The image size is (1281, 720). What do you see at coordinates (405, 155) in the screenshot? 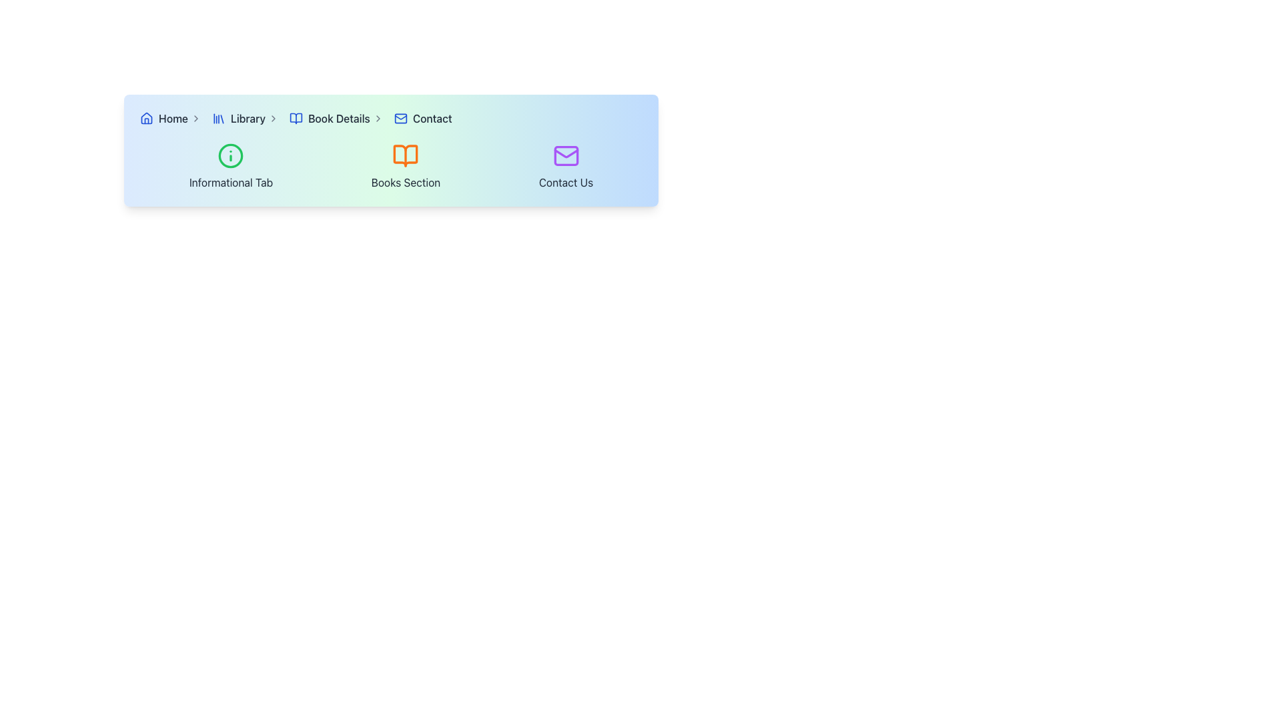
I see `the orange open book icon located in the 'Books Section' of the navigation bar, which is centered above the text label` at bounding box center [405, 155].